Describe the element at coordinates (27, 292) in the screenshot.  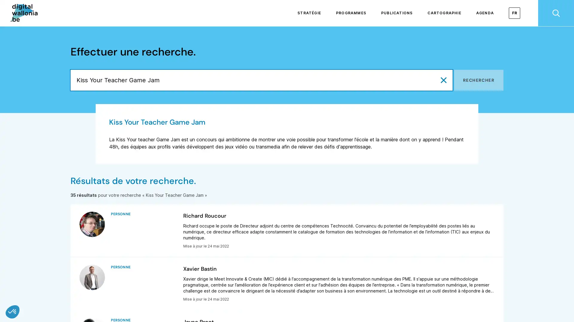
I see `Non merci` at that location.